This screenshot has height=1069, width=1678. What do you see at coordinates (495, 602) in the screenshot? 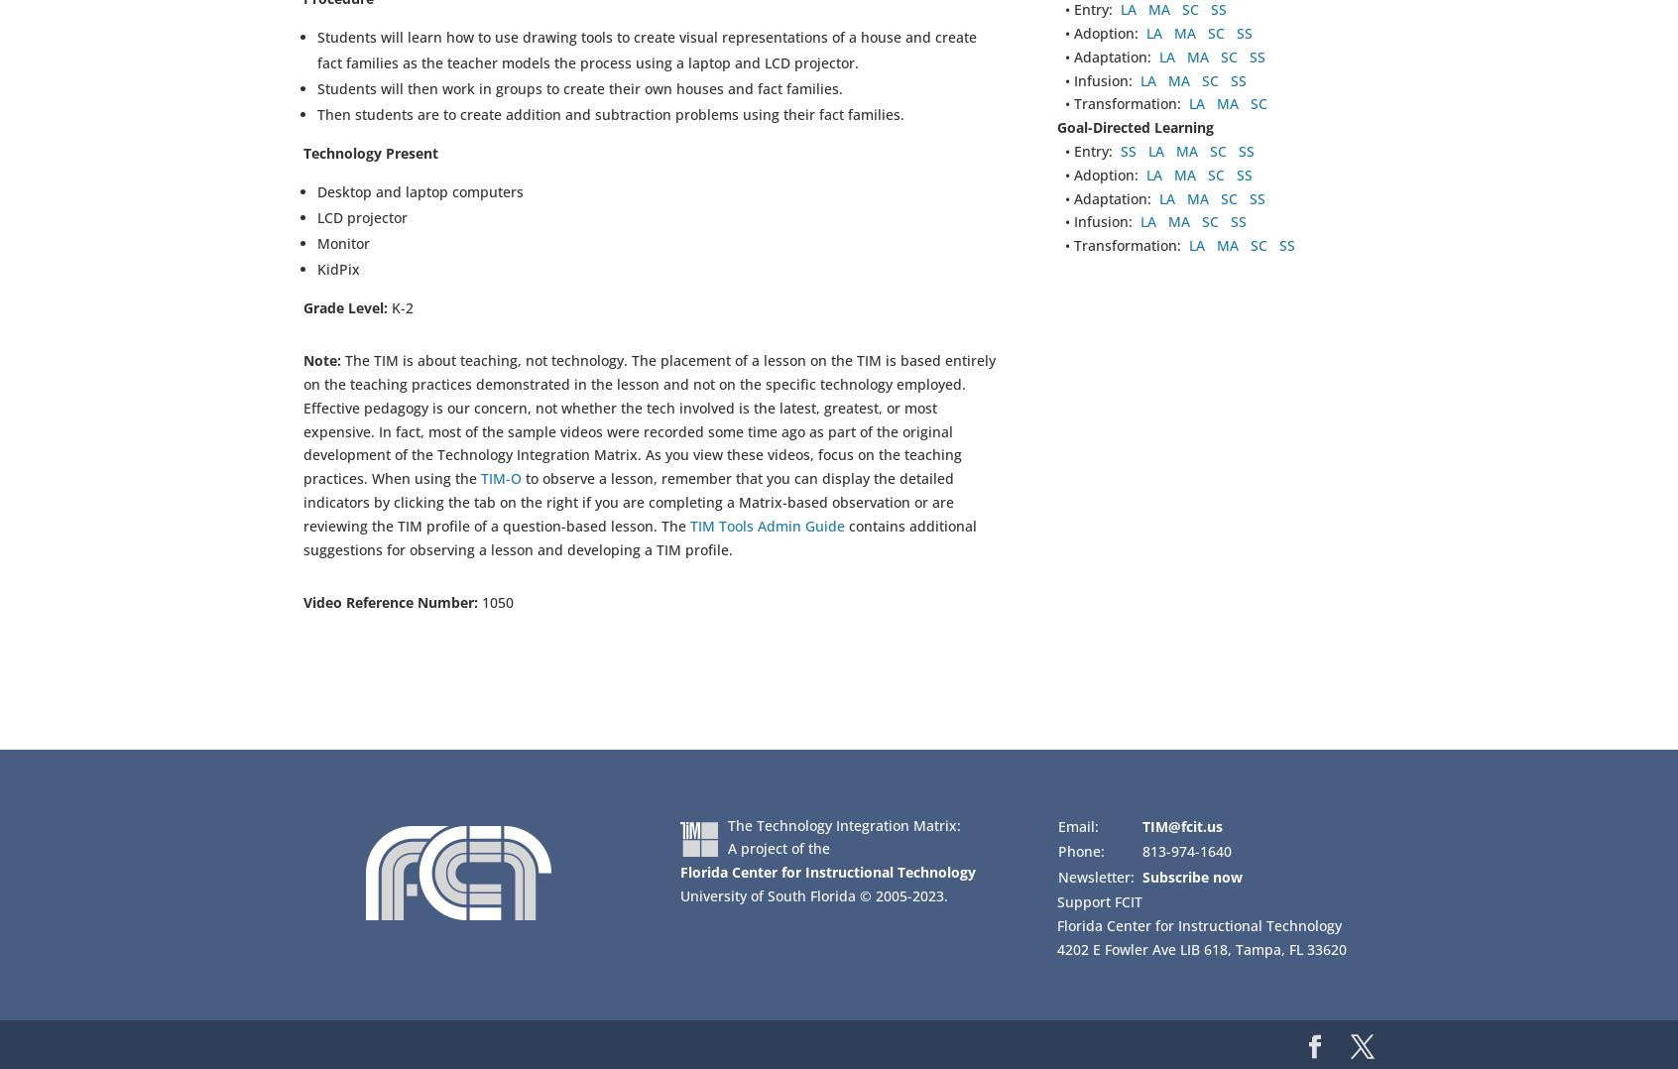
I see `'1050'` at bounding box center [495, 602].